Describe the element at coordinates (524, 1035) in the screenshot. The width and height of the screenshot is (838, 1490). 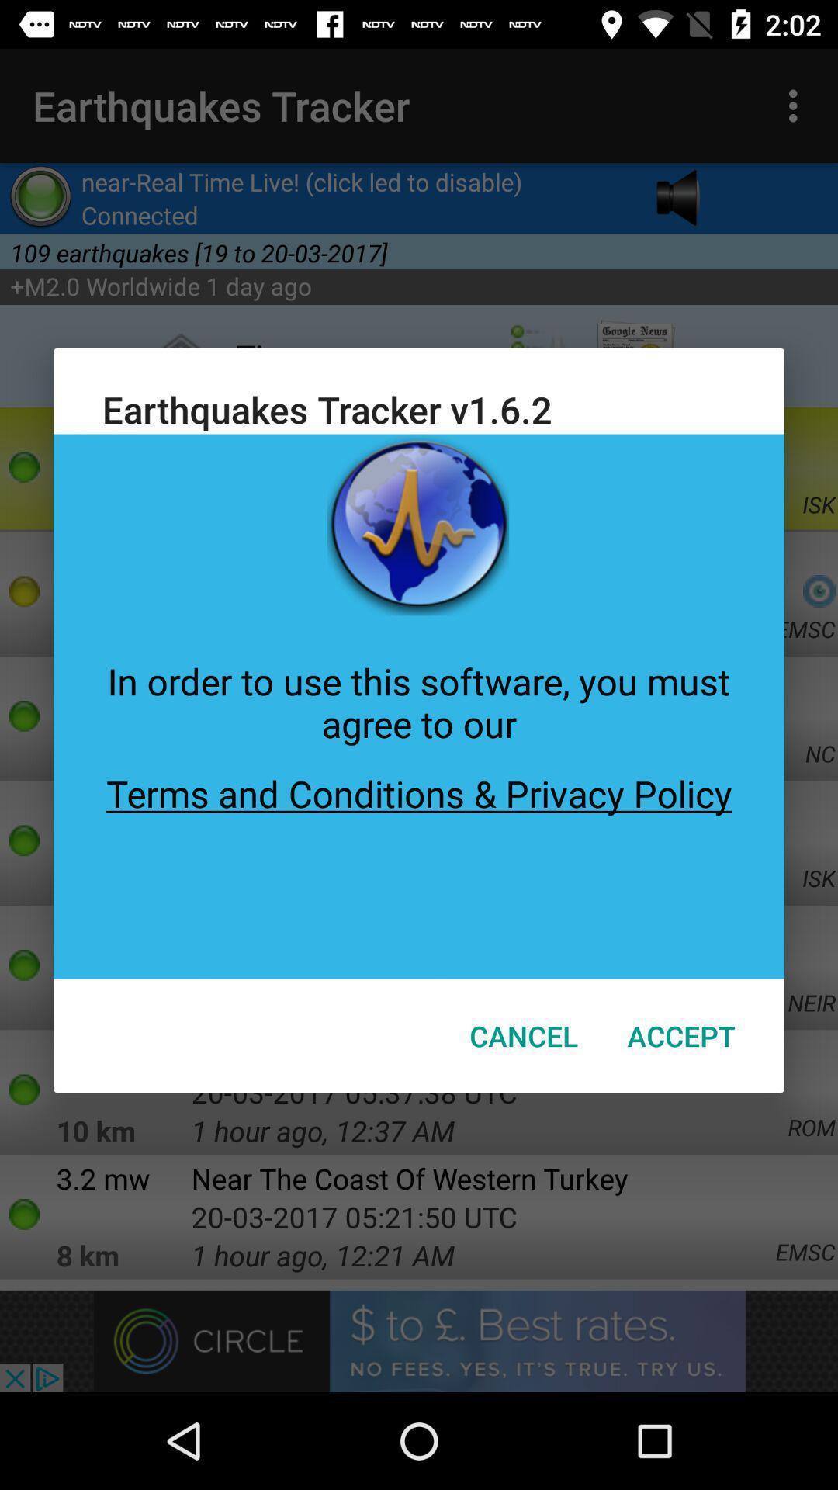
I see `icon at the bottom` at that location.